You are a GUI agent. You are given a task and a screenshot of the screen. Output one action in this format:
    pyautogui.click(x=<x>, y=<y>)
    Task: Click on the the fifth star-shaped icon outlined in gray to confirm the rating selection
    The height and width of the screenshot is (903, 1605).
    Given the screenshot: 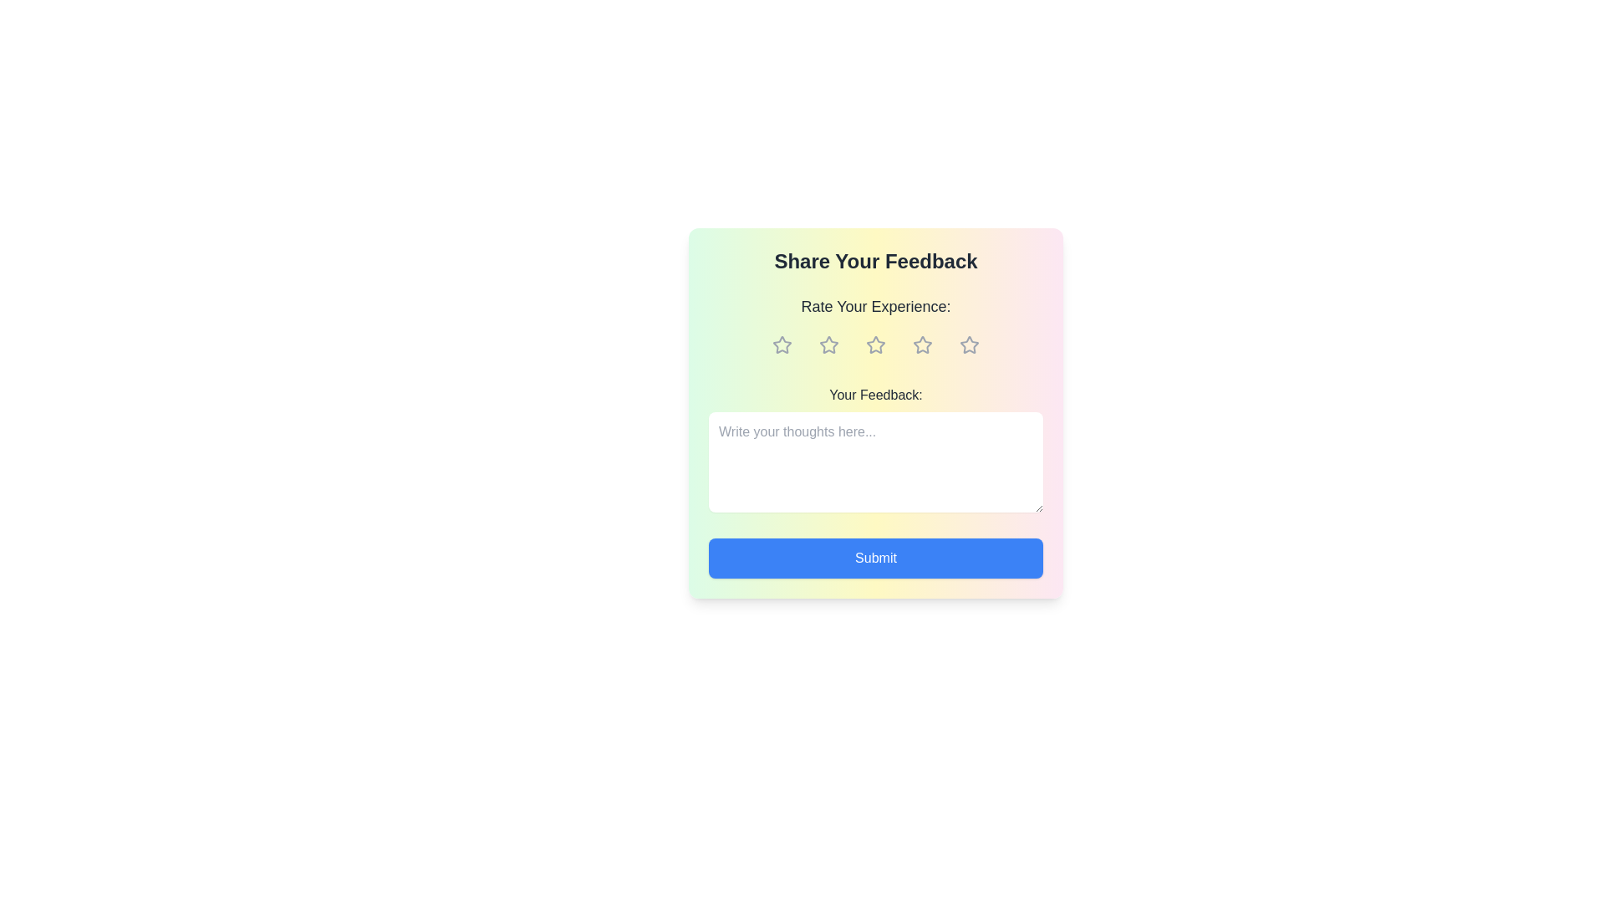 What is the action you would take?
    pyautogui.click(x=970, y=344)
    